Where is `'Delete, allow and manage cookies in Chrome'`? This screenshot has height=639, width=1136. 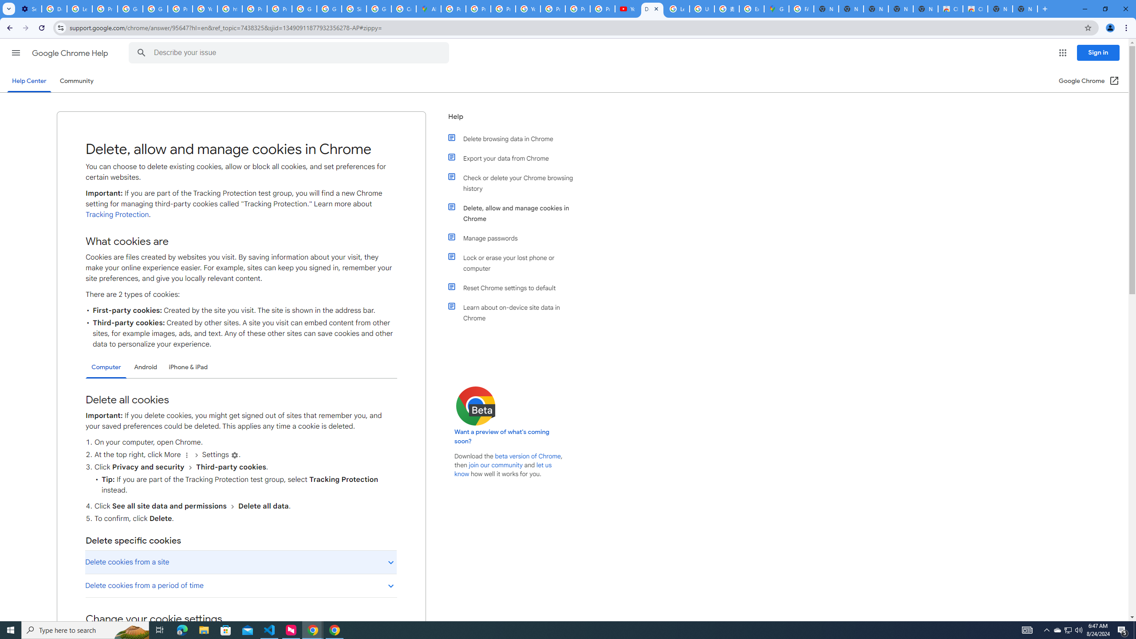
'Delete, allow and manage cookies in Chrome' is located at coordinates (516, 213).